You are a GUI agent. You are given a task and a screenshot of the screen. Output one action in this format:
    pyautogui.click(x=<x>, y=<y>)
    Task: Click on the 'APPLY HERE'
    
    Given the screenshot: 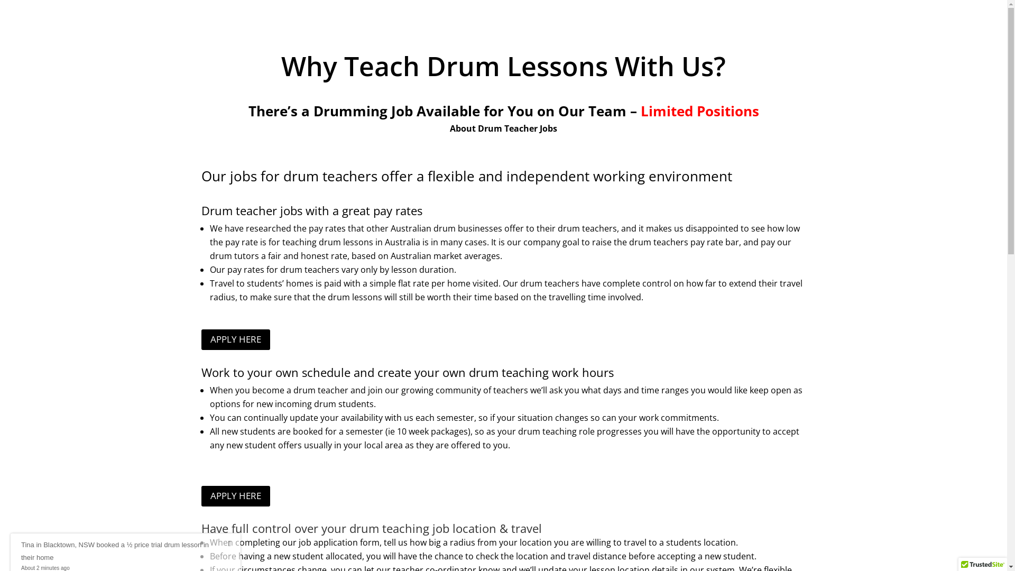 What is the action you would take?
    pyautogui.click(x=235, y=339)
    